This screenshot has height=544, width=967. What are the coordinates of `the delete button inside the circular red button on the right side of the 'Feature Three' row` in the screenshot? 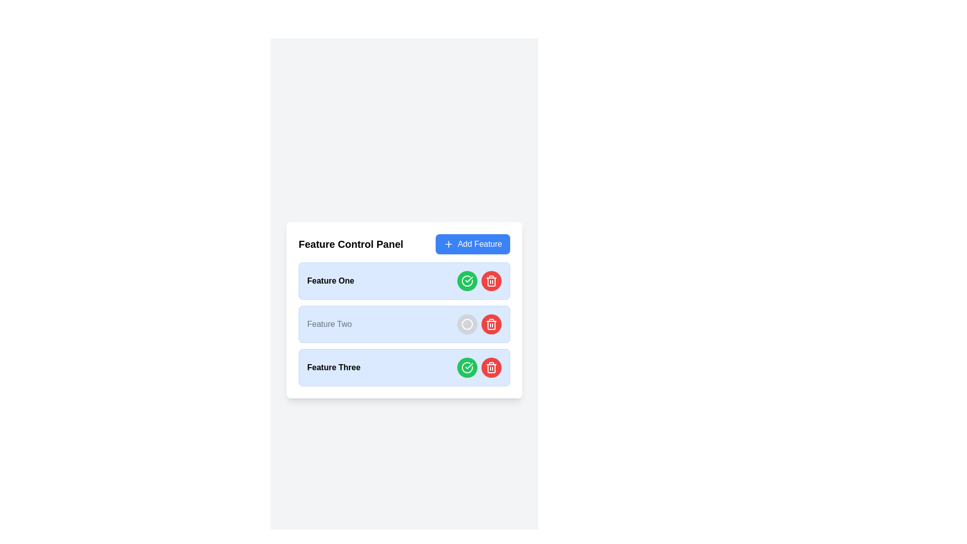 It's located at (491, 367).